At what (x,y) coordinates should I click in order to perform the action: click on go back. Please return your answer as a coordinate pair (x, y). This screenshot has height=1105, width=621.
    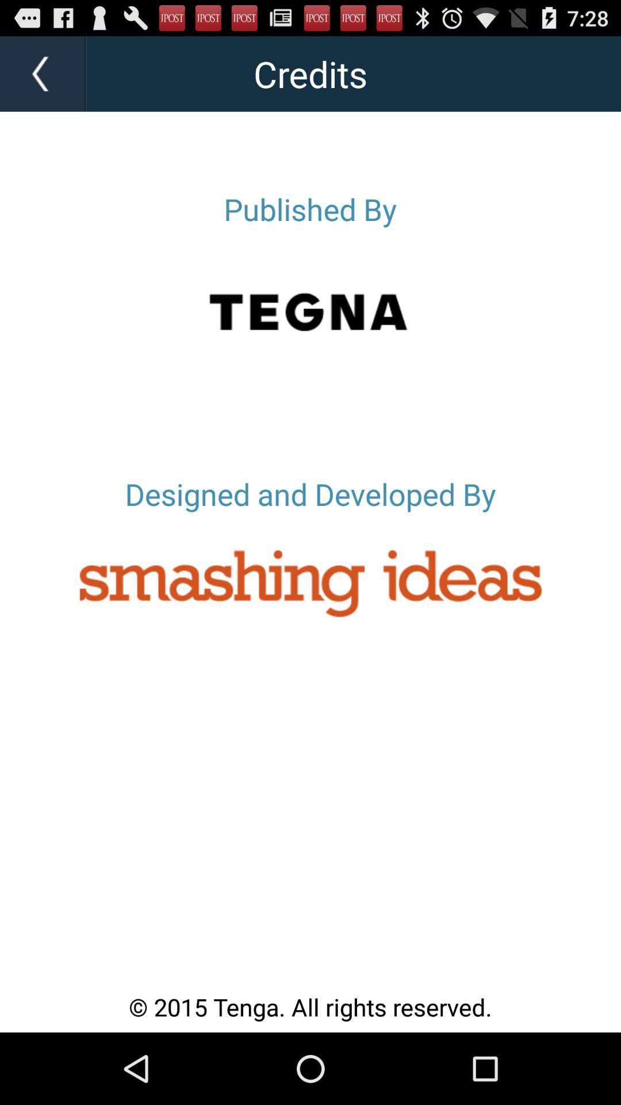
    Looking at the image, I should click on (43, 73).